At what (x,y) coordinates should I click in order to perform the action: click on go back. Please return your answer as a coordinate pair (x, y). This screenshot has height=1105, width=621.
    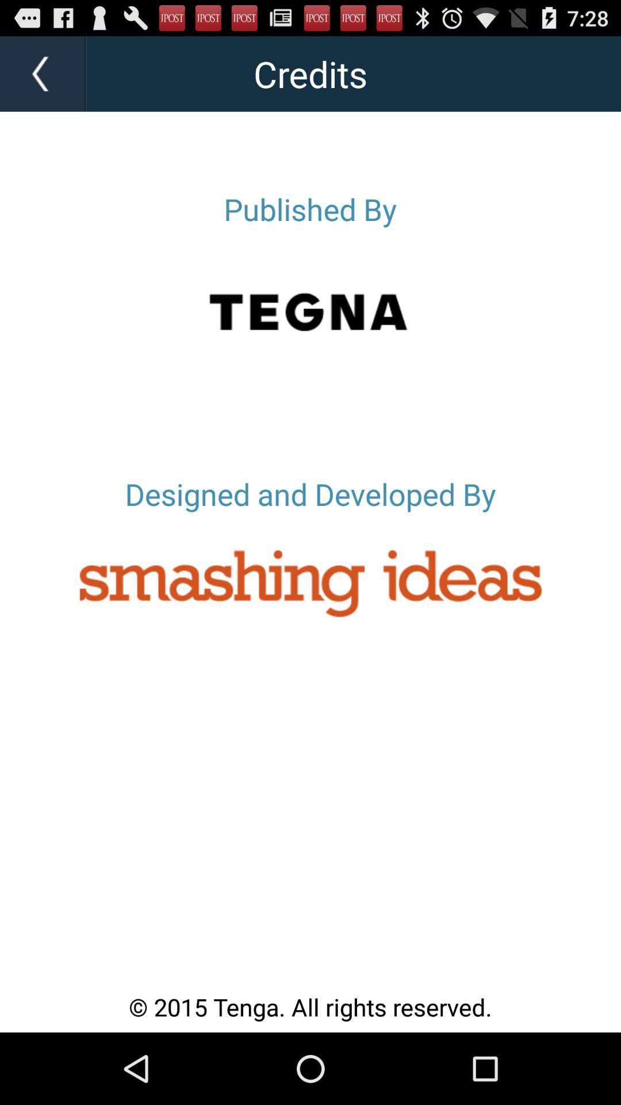
    Looking at the image, I should click on (43, 73).